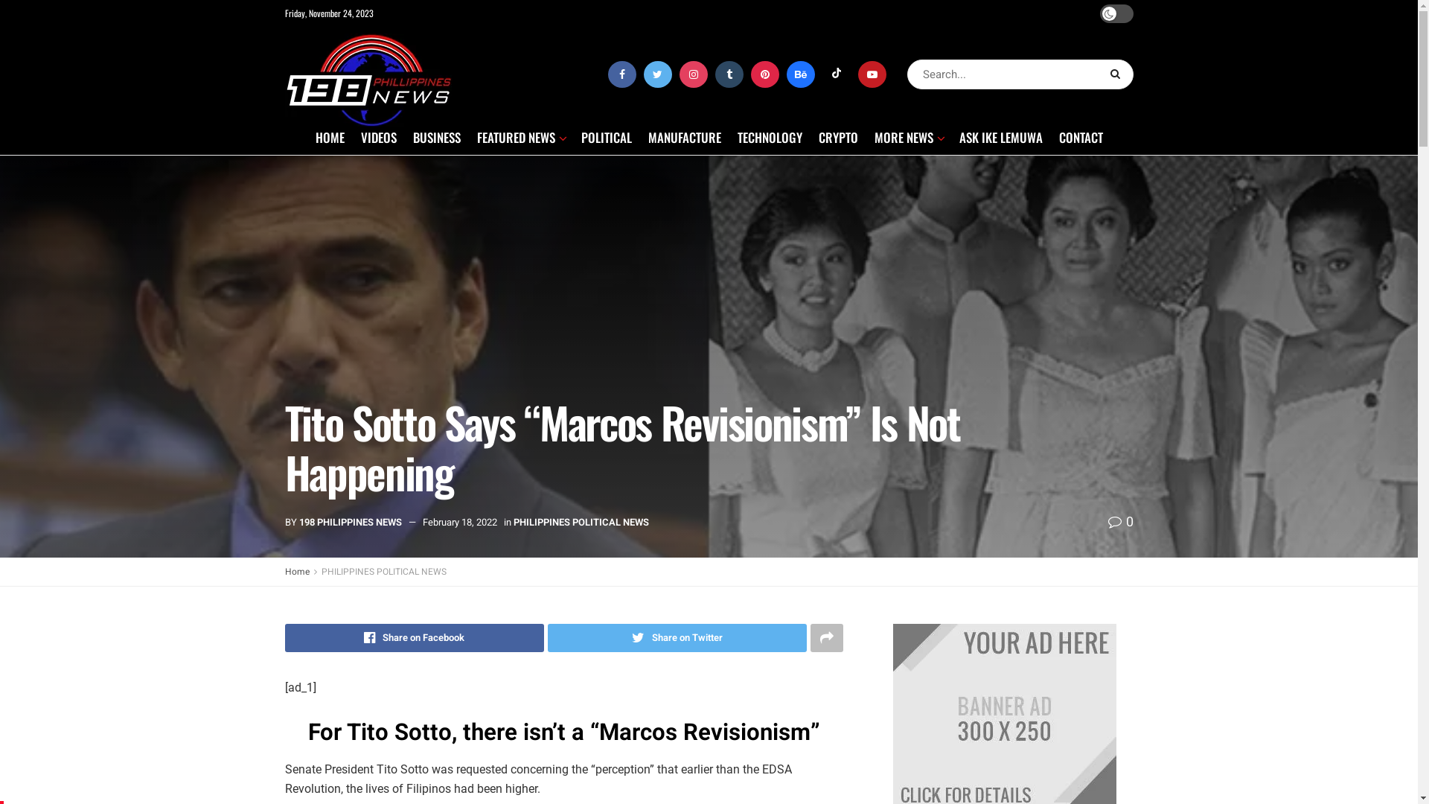 Image resolution: width=1429 pixels, height=804 pixels. I want to click on 'TECHNOLOGY', so click(736, 137).